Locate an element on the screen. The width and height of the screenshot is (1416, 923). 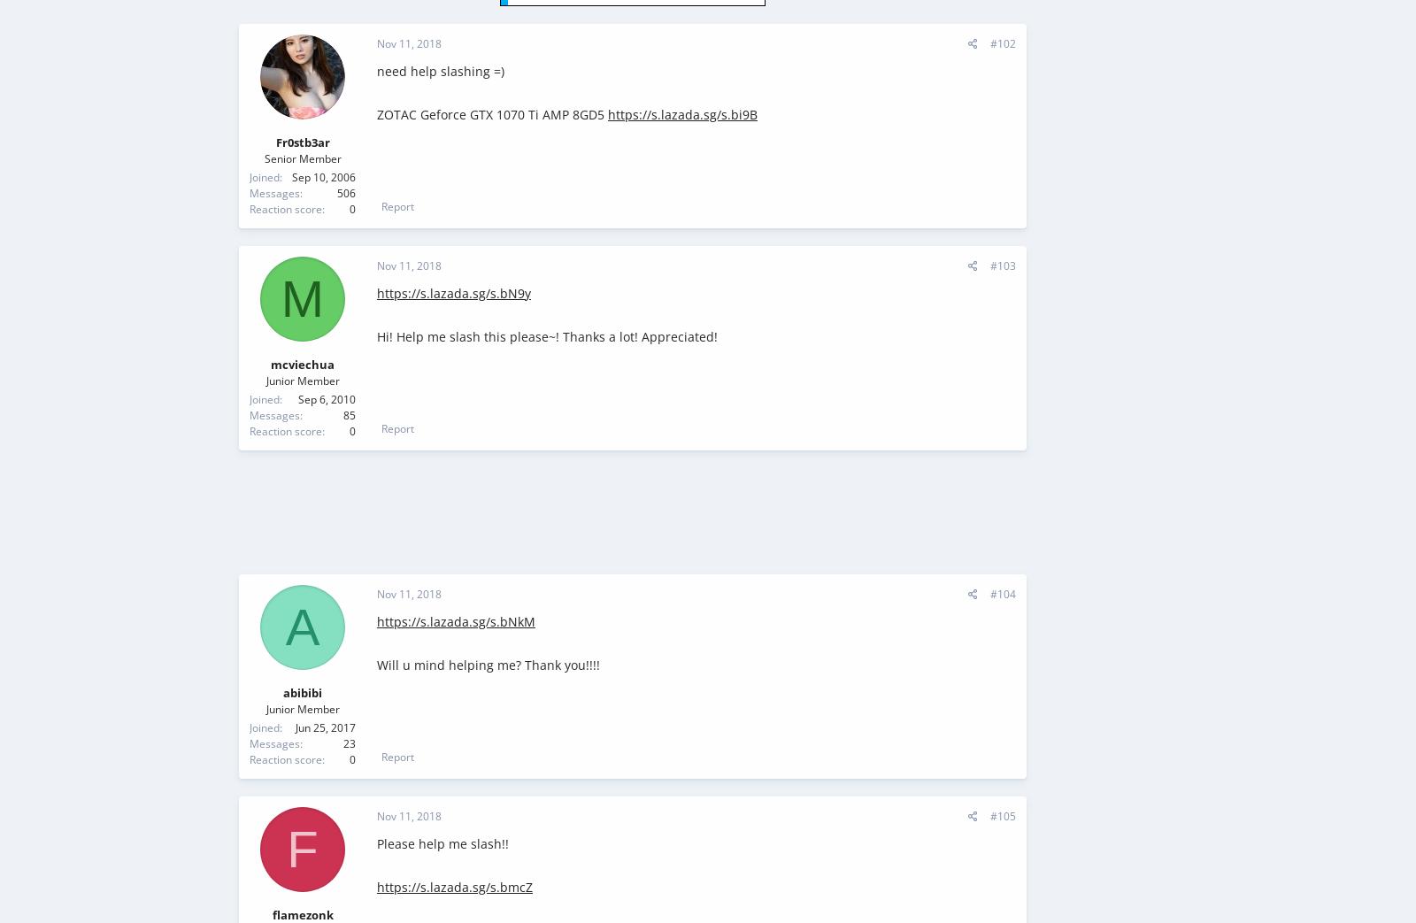
'Sep 10, 2006' is located at coordinates (323, 176).